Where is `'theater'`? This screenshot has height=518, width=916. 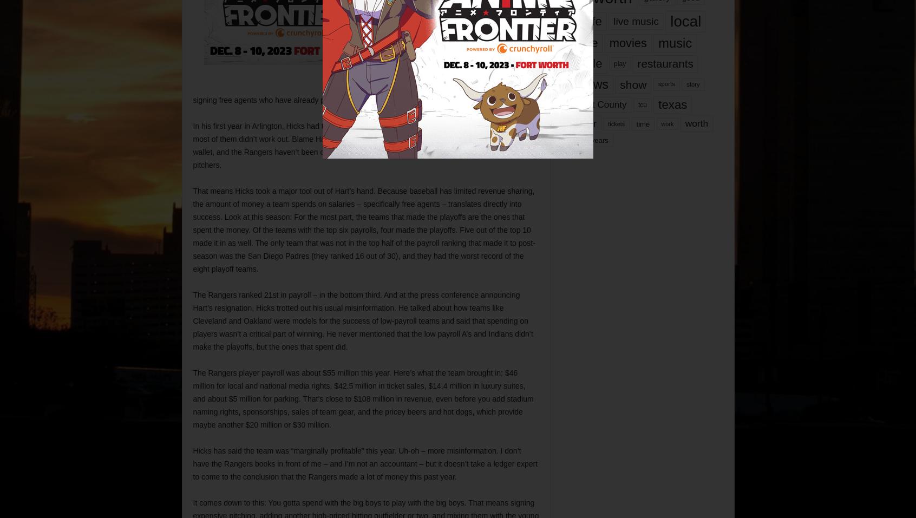
'theater' is located at coordinates (581, 122).